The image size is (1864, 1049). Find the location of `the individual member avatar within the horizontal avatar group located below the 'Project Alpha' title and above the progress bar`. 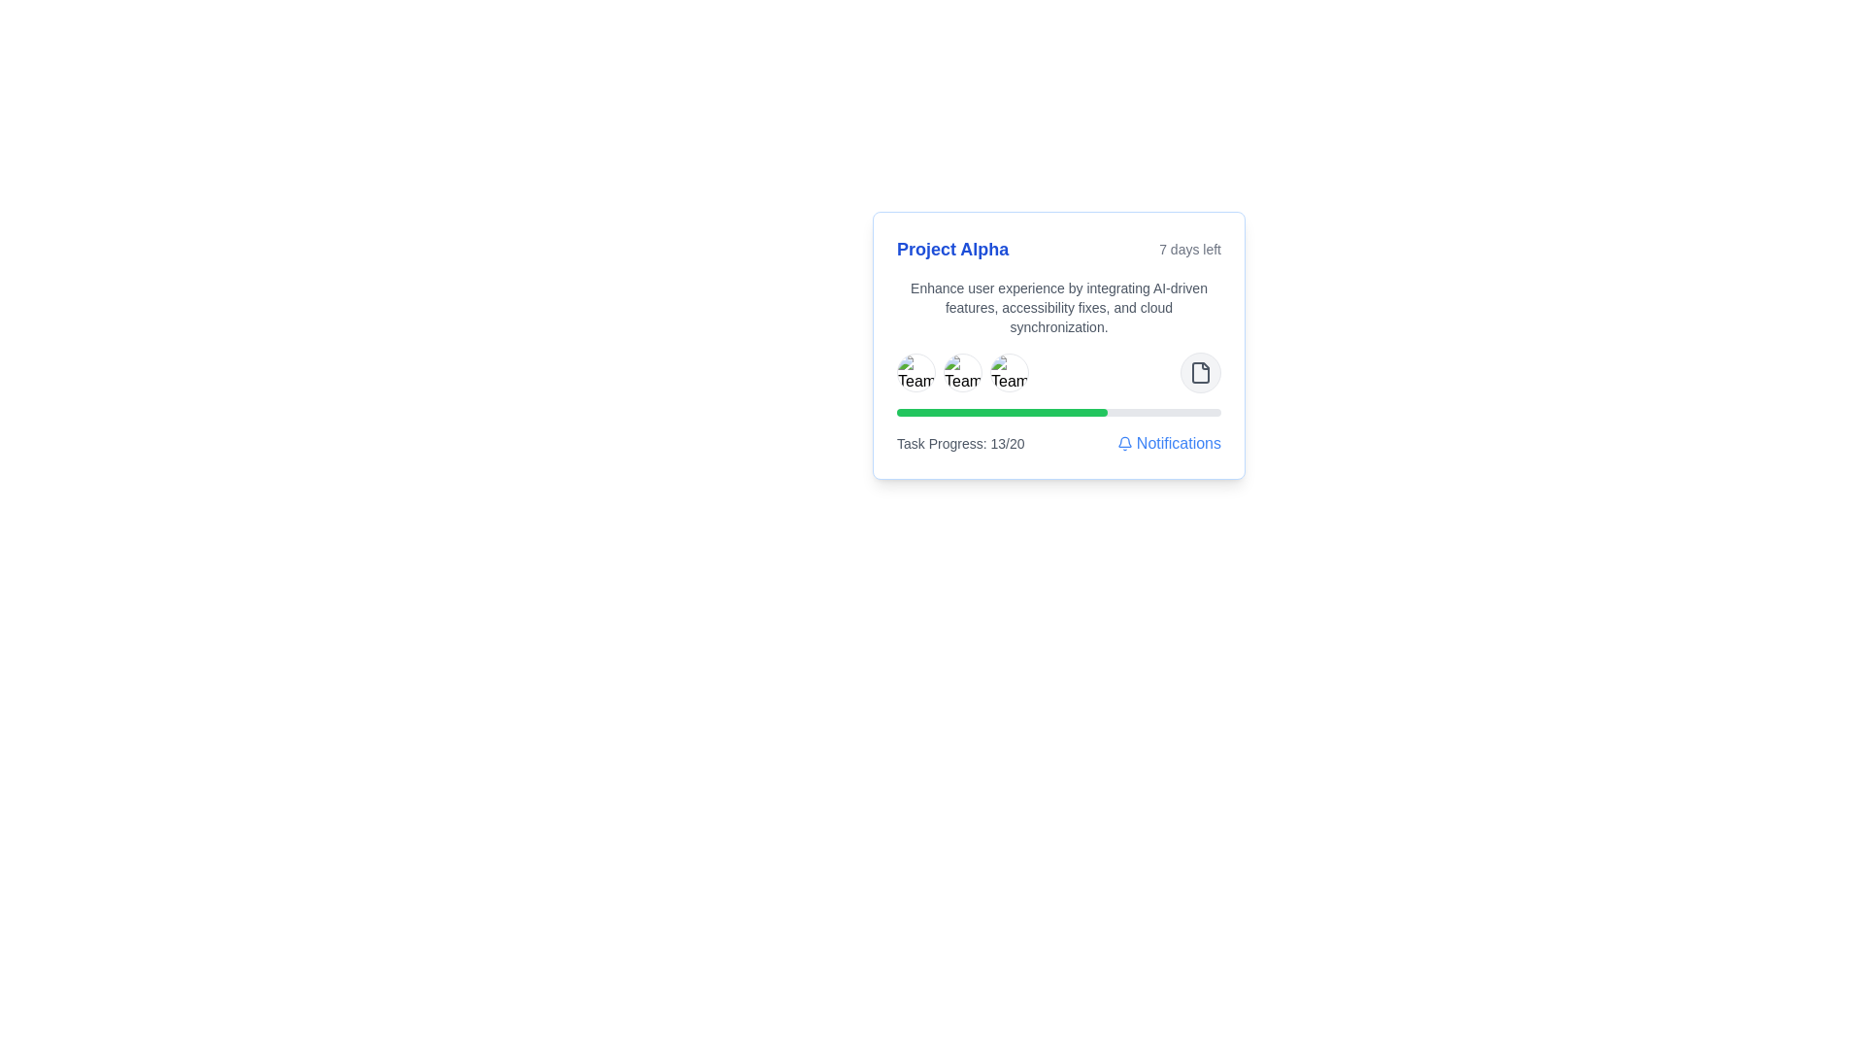

the individual member avatar within the horizontal avatar group located below the 'Project Alpha' title and above the progress bar is located at coordinates (963, 373).